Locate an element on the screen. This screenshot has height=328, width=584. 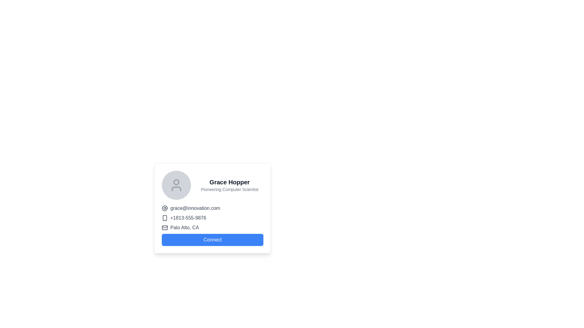
the Text Label that provides a subtitle or descriptive context for the title 'Grace Hopper', which is positioned directly underneath and aligned with the title within the profile card layout is located at coordinates (229, 189).